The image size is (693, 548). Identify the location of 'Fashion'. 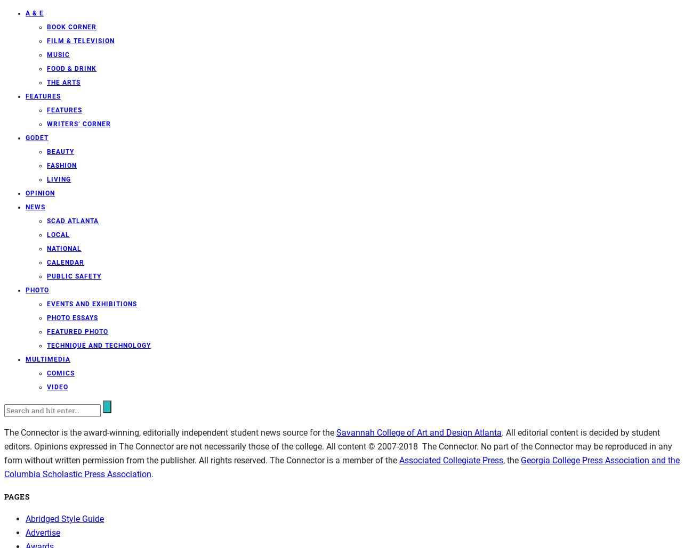
(61, 165).